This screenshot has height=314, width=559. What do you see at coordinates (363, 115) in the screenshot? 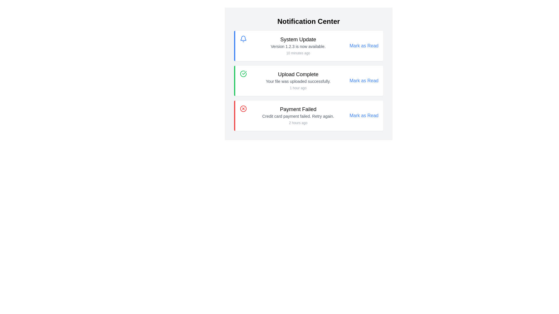
I see `the 'Mark as Read' link located in the rightmost section of the third notification card to change its status to read` at bounding box center [363, 115].